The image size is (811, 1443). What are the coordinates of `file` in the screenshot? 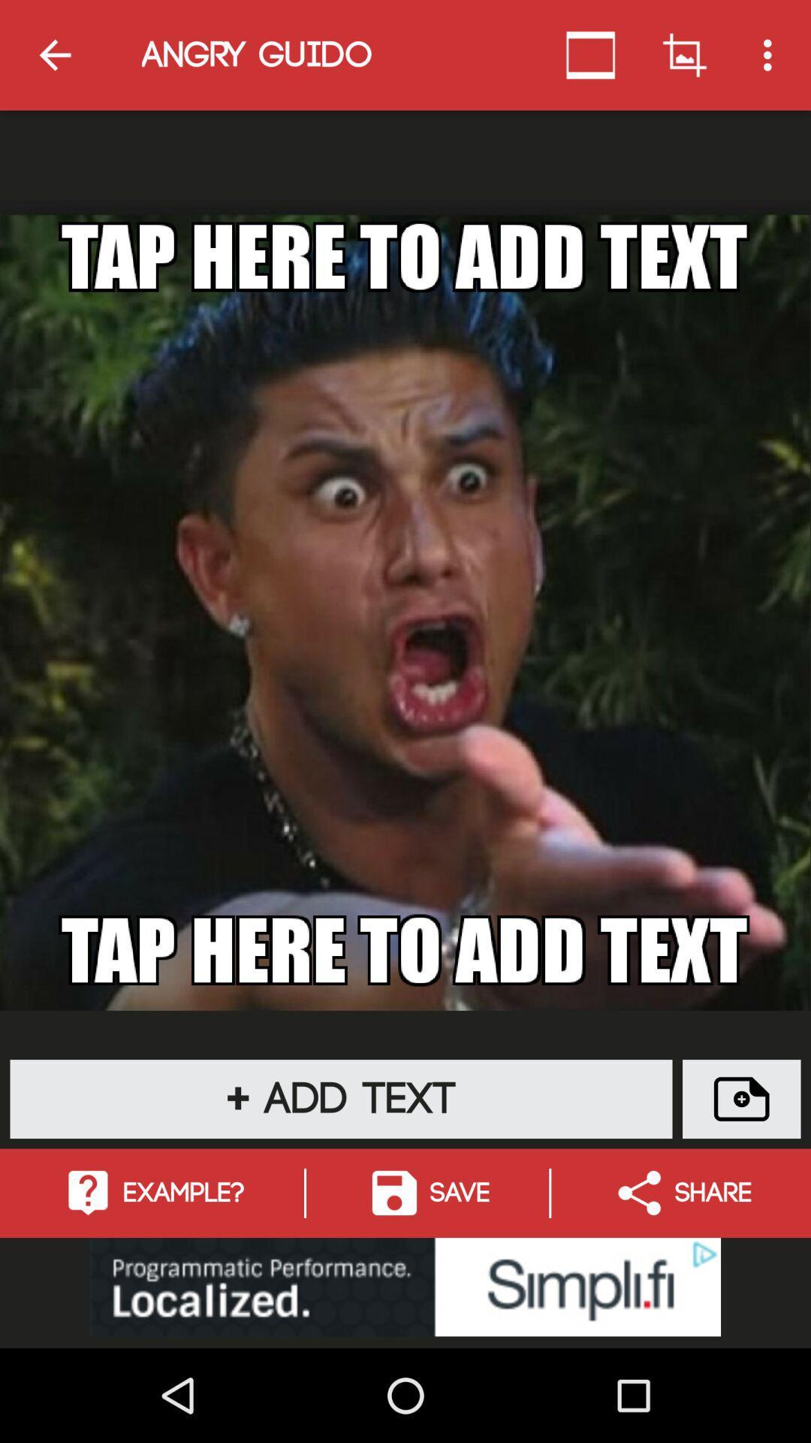 It's located at (740, 1099).